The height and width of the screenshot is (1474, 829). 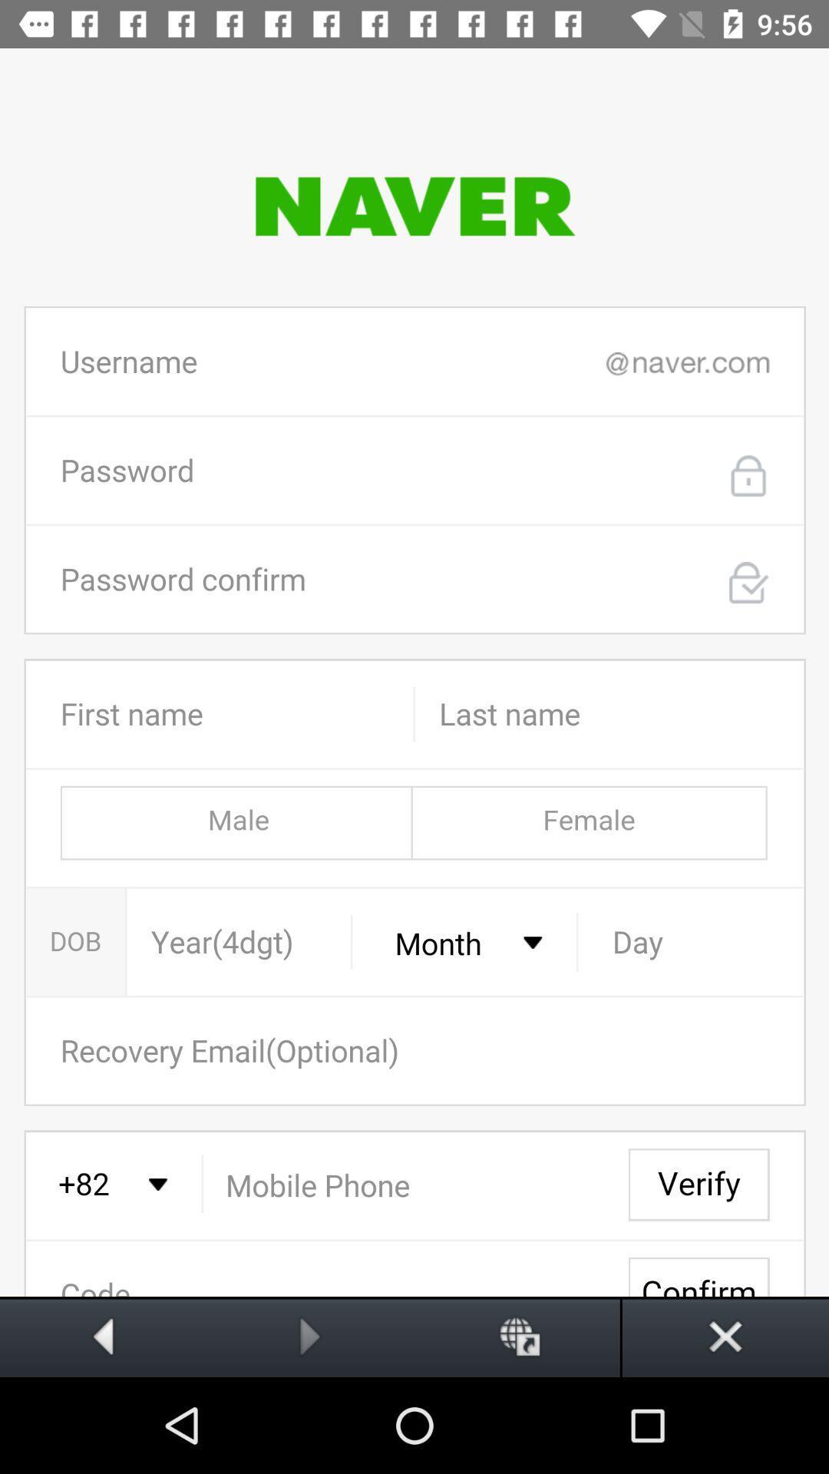 What do you see at coordinates (309, 1336) in the screenshot?
I see `the play icon` at bounding box center [309, 1336].